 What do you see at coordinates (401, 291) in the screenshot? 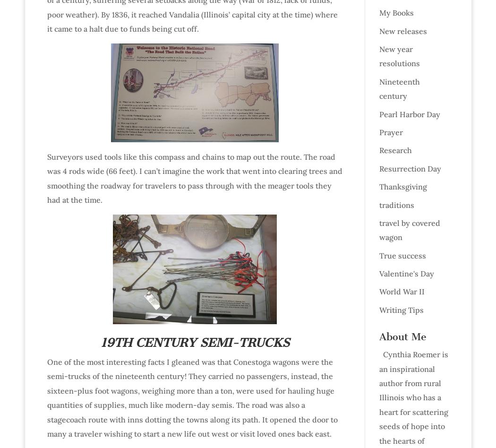
I see `'World War II'` at bounding box center [401, 291].